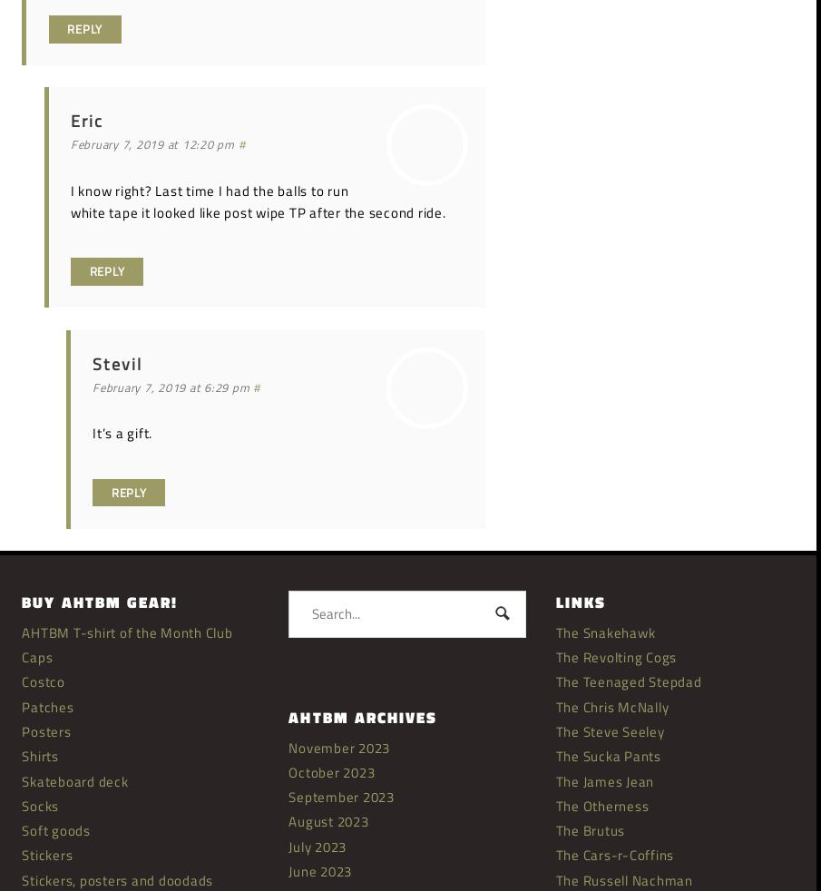  Describe the element at coordinates (38, 756) in the screenshot. I see `'Shirts'` at that location.